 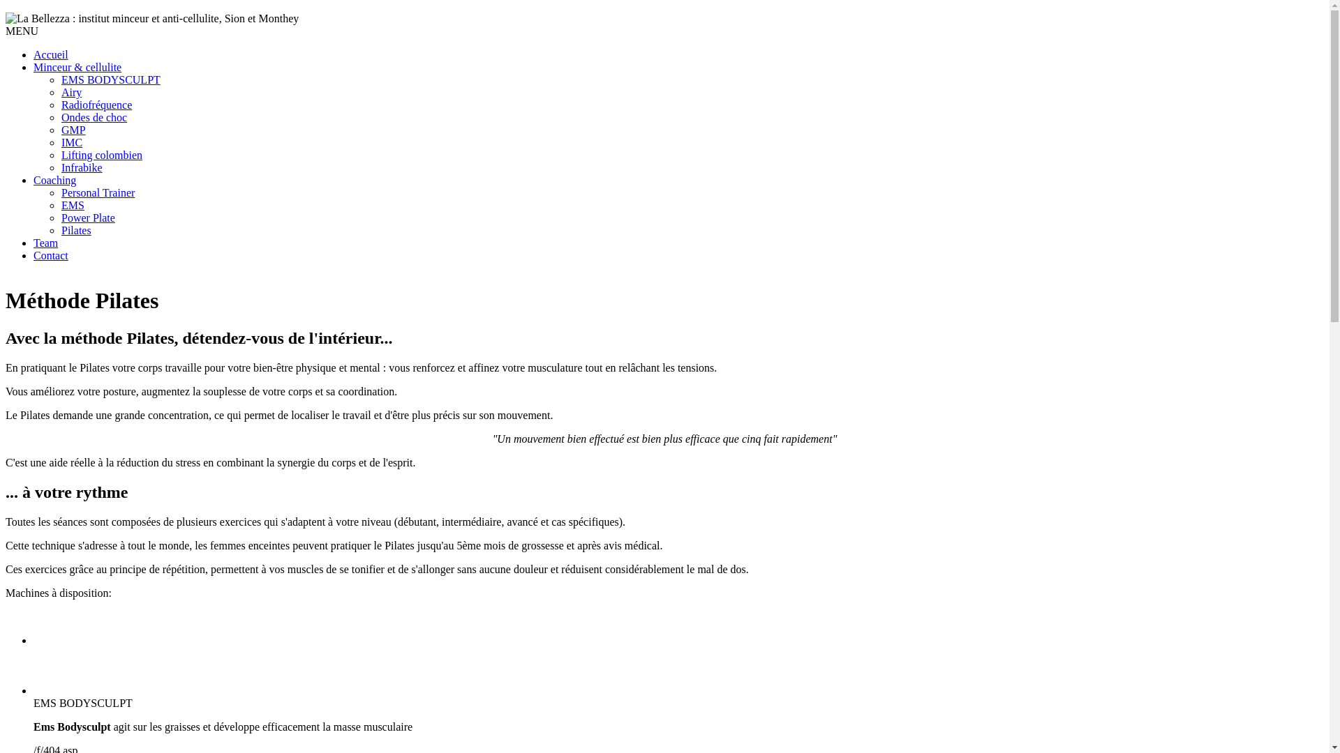 I want to click on 'Lifting colombien', so click(x=100, y=155).